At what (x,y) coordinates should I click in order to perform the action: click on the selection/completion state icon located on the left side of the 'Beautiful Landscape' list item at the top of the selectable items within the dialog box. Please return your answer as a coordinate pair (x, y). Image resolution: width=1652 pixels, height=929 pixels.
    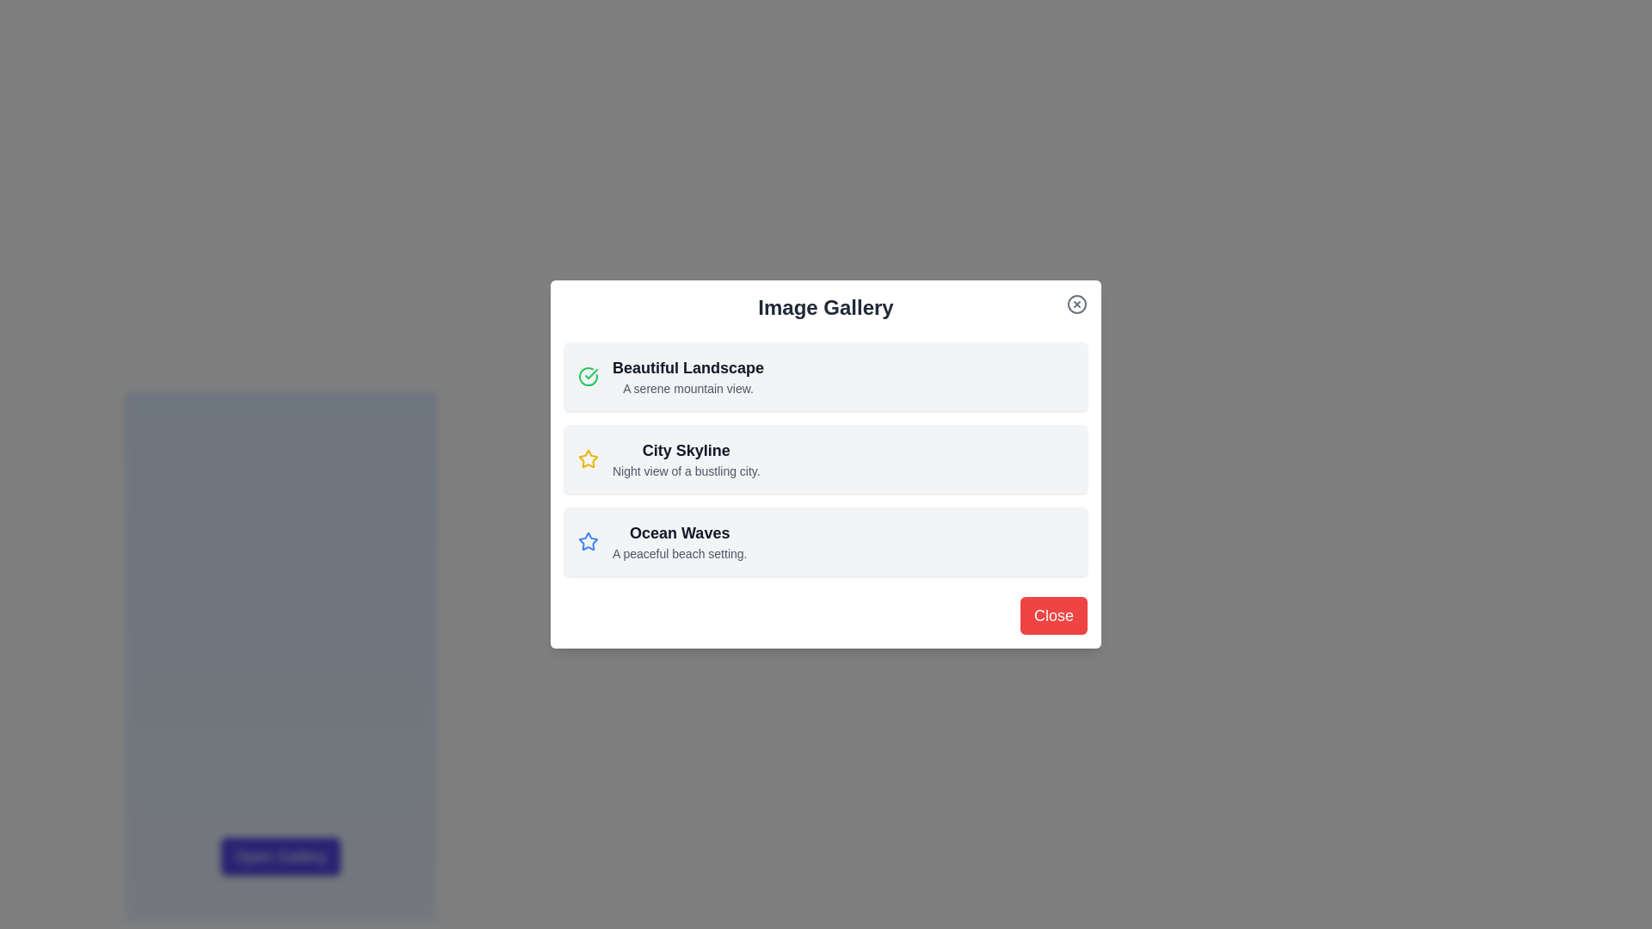
    Looking at the image, I should click on (589, 376).